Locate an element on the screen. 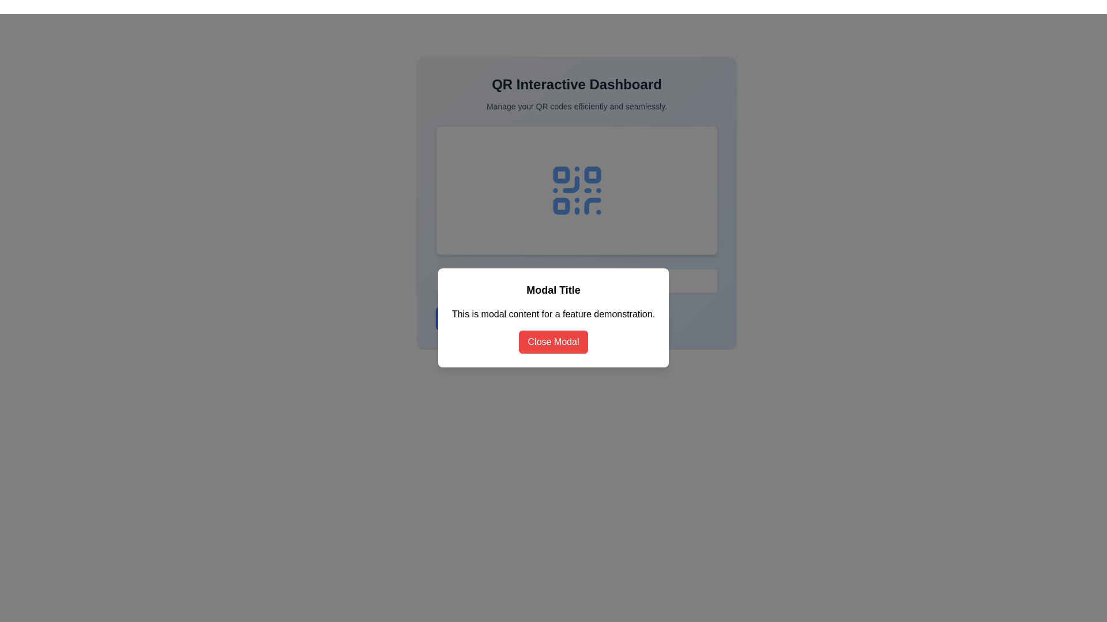  the second square in a QR-like graphic located at the top-center of the modal dialog is located at coordinates (592, 175).